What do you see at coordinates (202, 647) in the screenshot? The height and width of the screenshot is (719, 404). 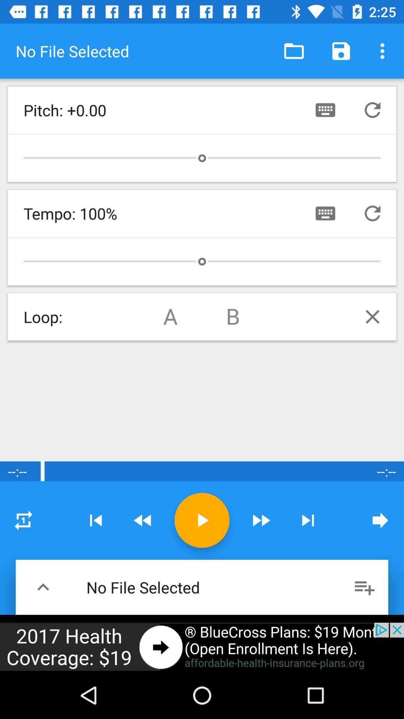 I see `view advertisement` at bounding box center [202, 647].